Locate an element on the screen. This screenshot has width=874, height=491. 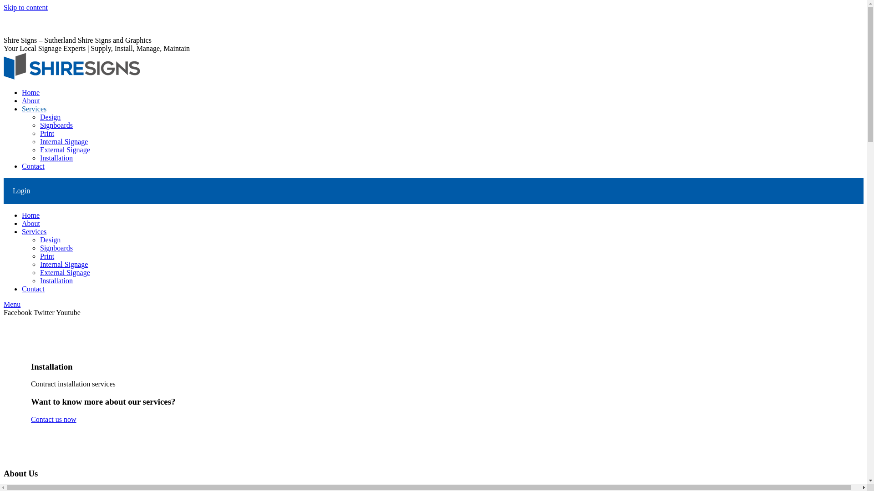
'Services' is located at coordinates (34, 231).